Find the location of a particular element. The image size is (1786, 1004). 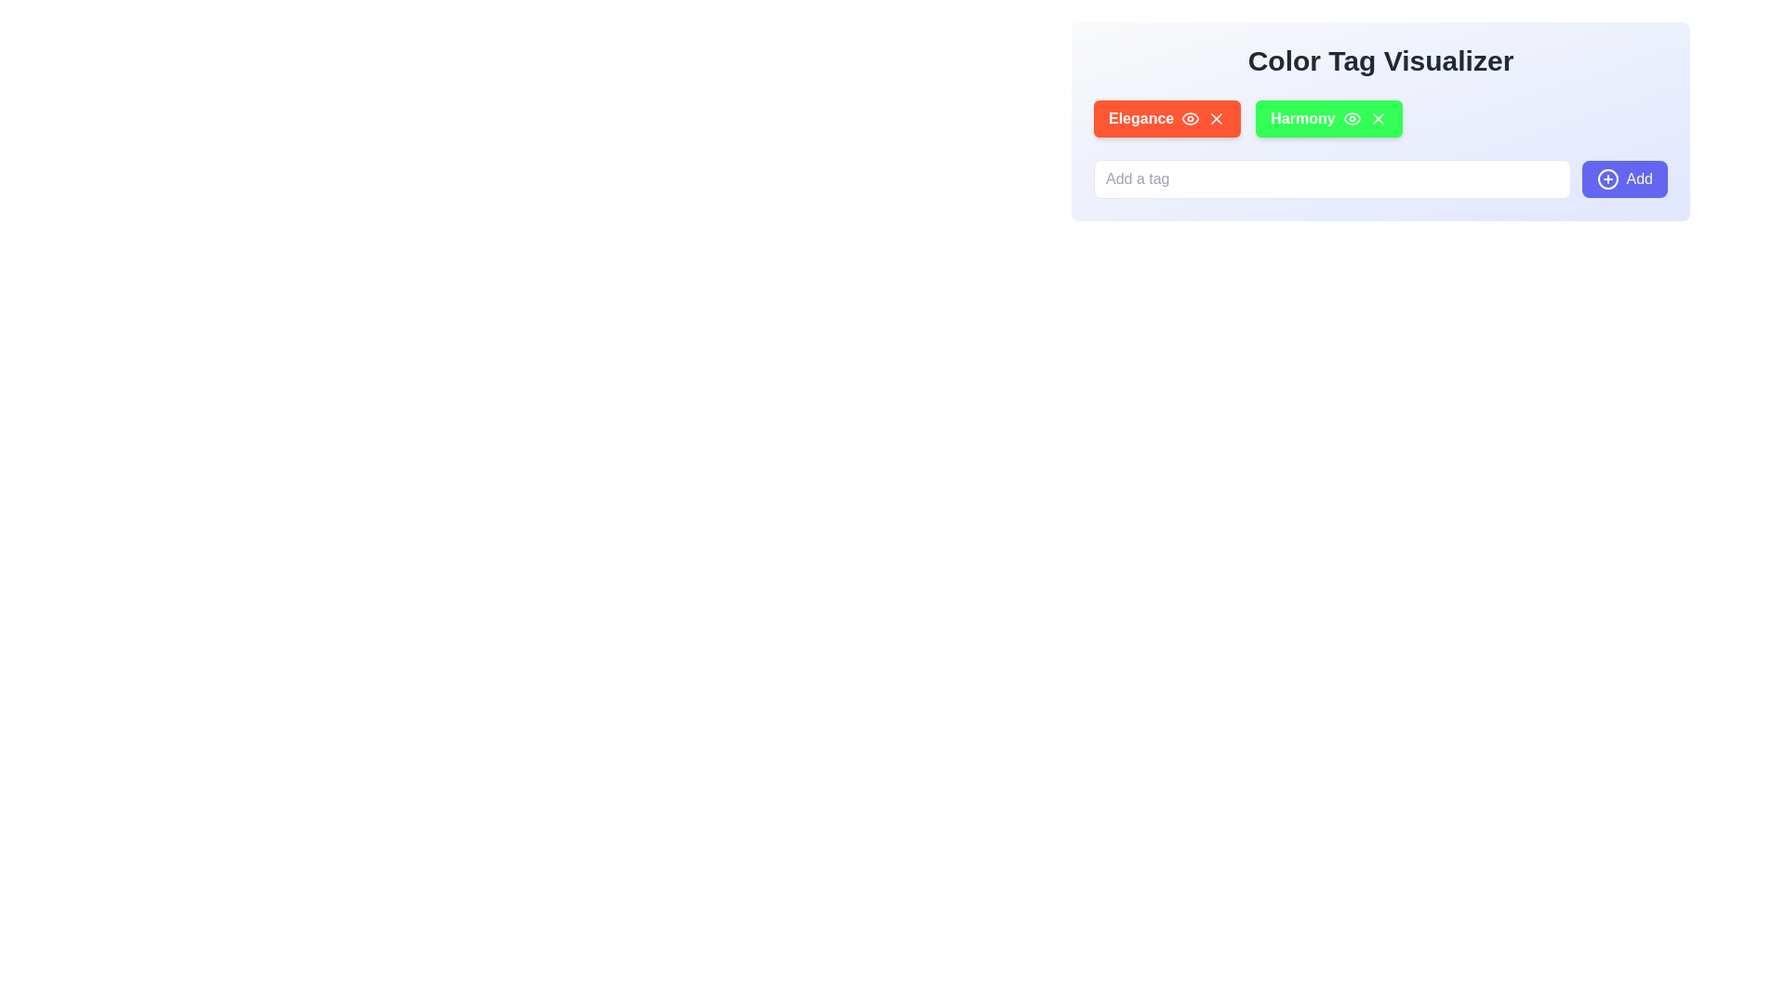

the 'Harmony' text label, which is displayed in bold white font on a rounded green background, located within the Color Tag Visualizer interface is located at coordinates (1302, 118).